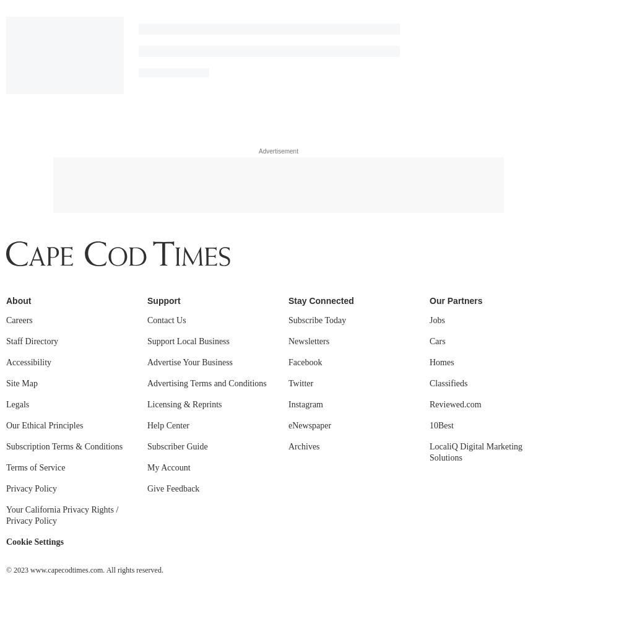 The image size is (619, 637). What do you see at coordinates (429, 58) in the screenshot?
I see `'Reviewed.com'` at bounding box center [429, 58].